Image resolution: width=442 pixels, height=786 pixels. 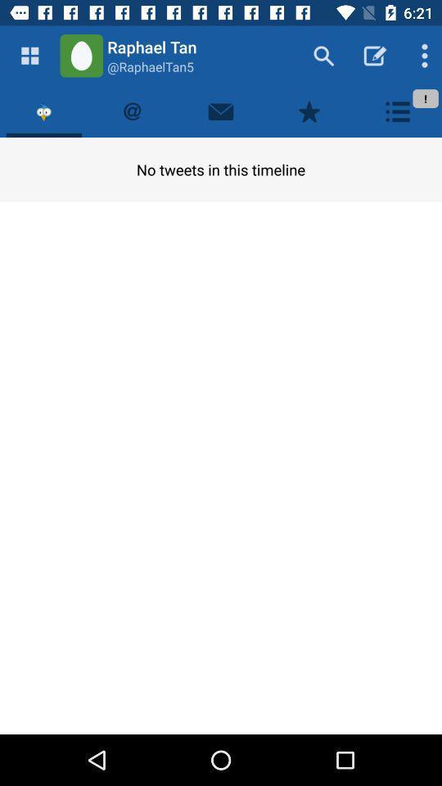 What do you see at coordinates (309, 111) in the screenshot?
I see `personal favorites` at bounding box center [309, 111].